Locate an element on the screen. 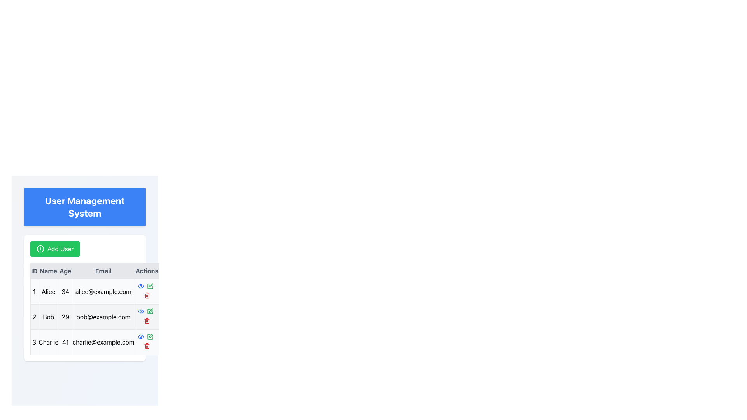 The height and width of the screenshot is (420, 747). the table cell displaying the age '29' for the user 'Bob', which is located in the second row under the 'Age' column is located at coordinates (65, 317).